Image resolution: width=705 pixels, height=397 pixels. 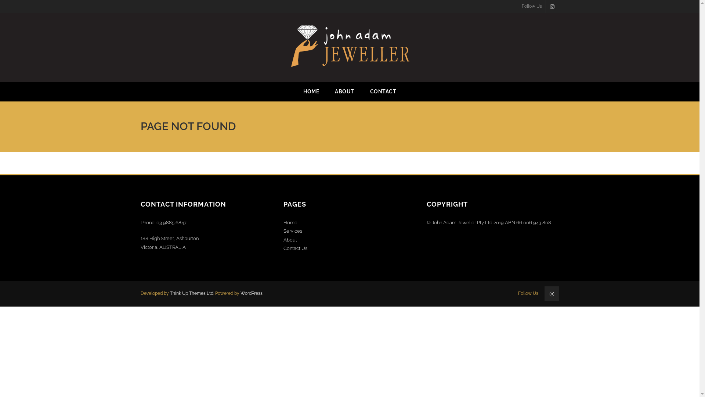 I want to click on 'Phone: 03 9885 6847', so click(x=163, y=222).